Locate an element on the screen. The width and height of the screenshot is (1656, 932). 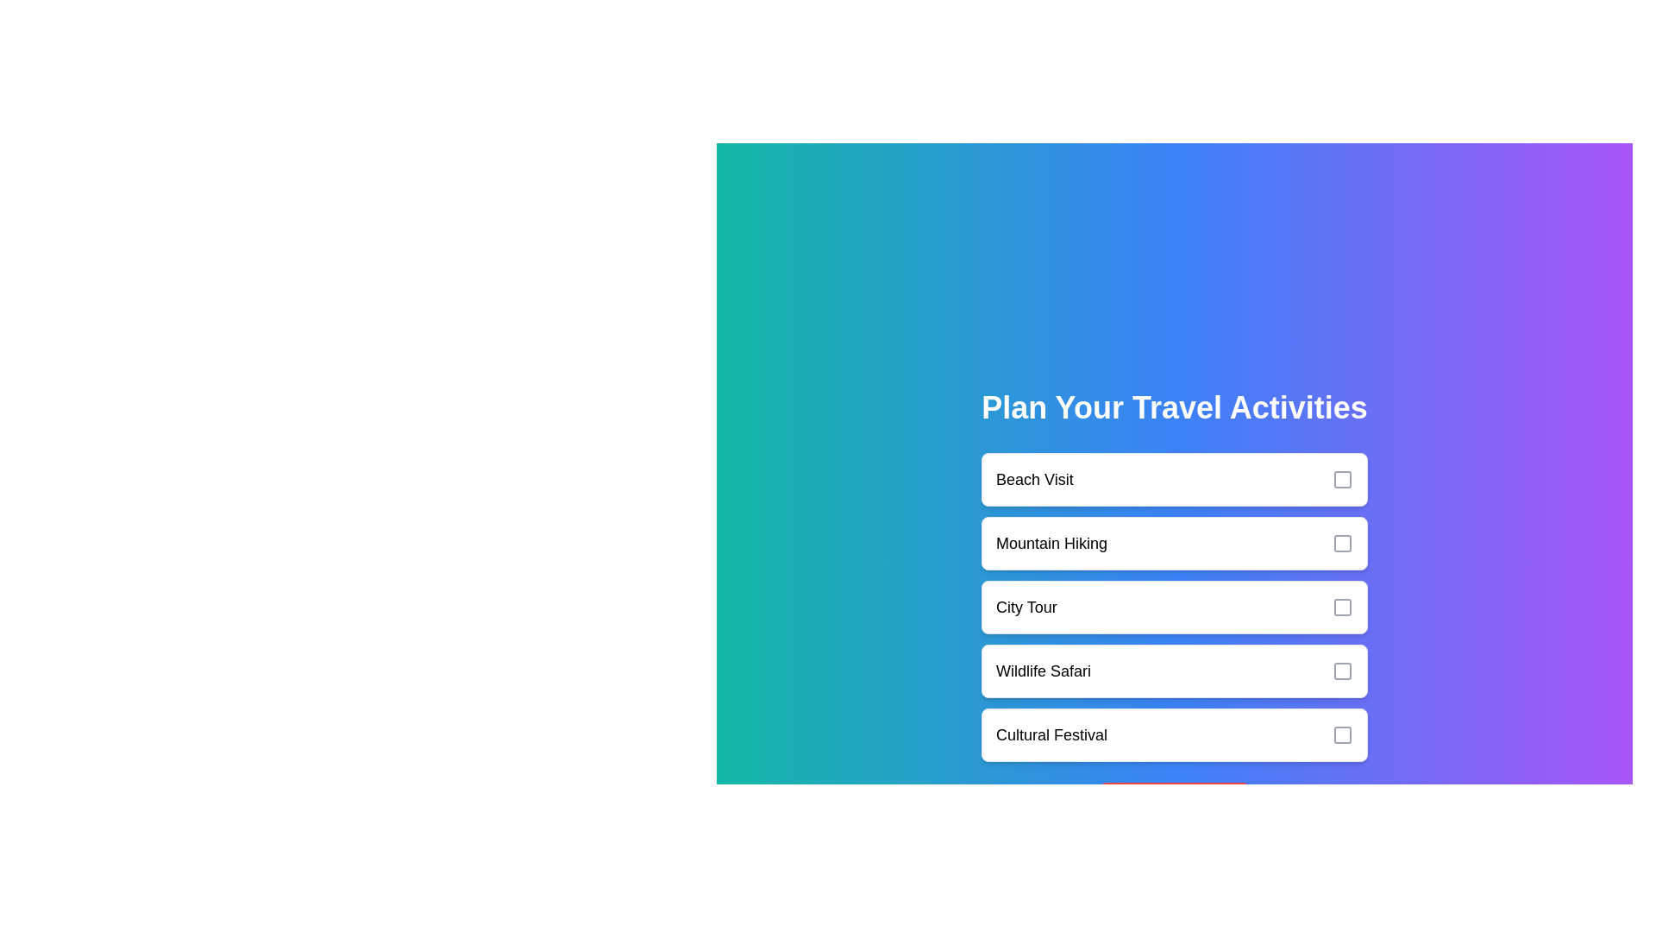
the checkbox corresponding to Wildlife Safari to toggle its selection is located at coordinates (1341, 671).